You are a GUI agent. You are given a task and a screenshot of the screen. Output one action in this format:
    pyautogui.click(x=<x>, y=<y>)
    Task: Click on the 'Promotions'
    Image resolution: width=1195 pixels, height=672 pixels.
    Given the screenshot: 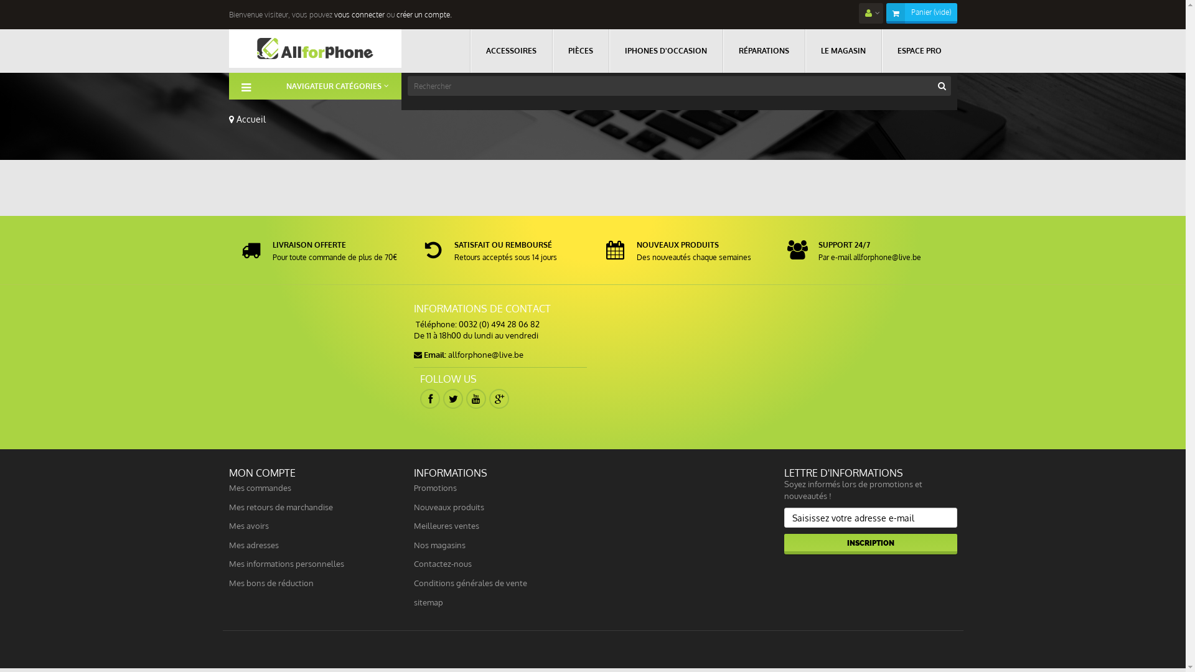 What is the action you would take?
    pyautogui.click(x=435, y=487)
    